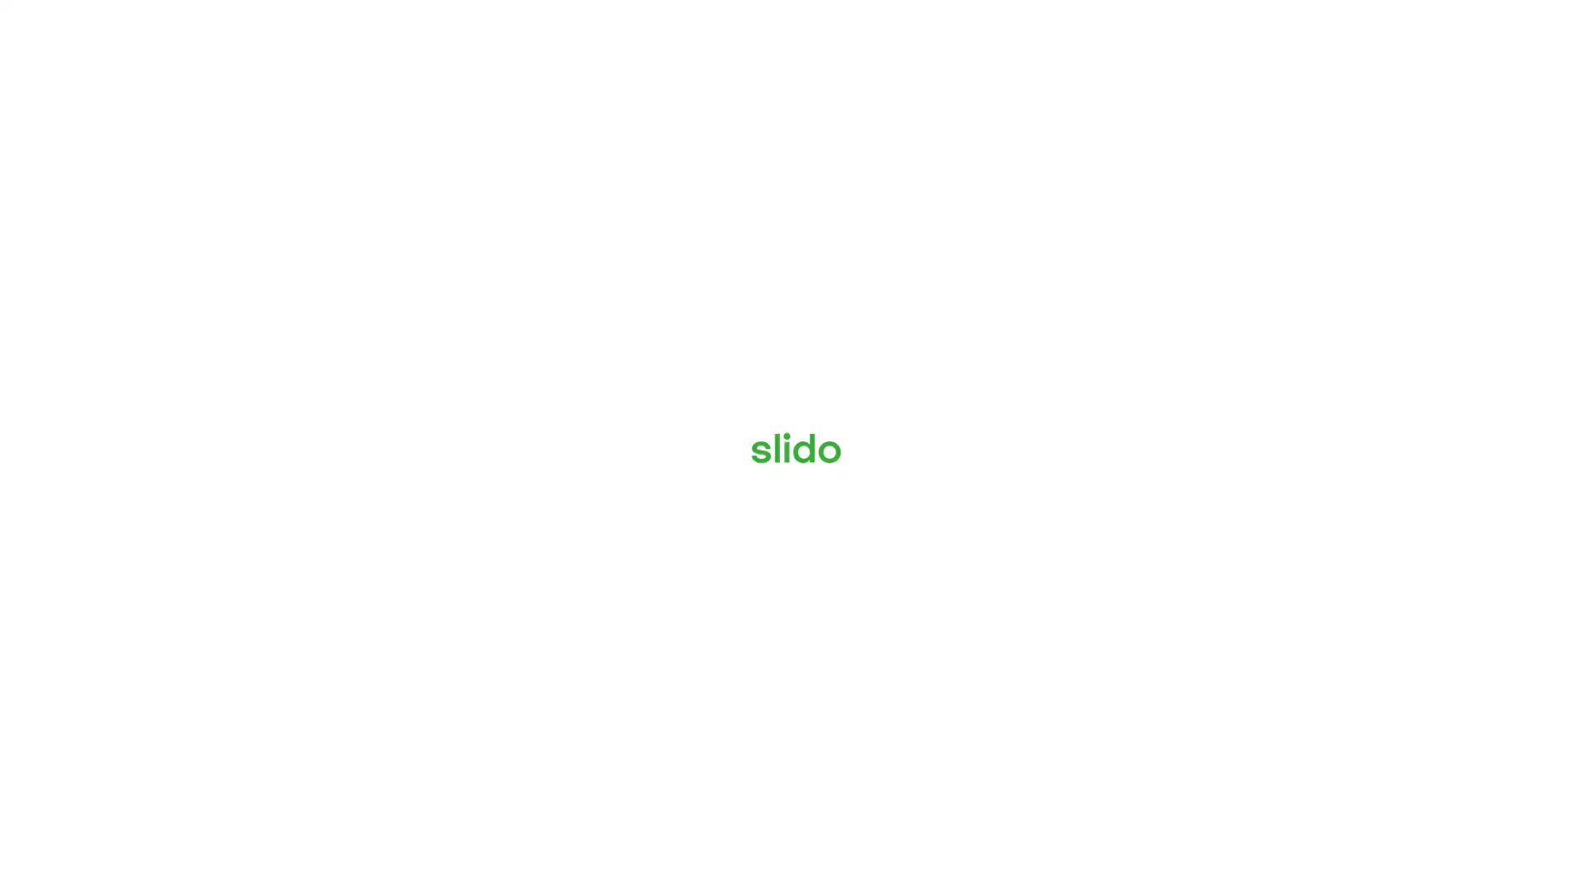 This screenshot has height=896, width=1593. What do you see at coordinates (1470, 738) in the screenshot?
I see `23 votes, Upvote question` at bounding box center [1470, 738].